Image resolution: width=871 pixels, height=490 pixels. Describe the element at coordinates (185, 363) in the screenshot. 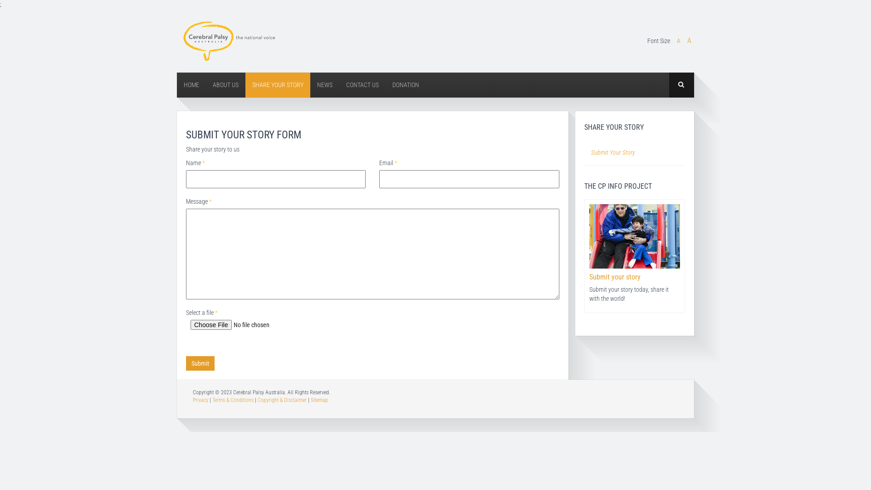

I see `'Submit'` at that location.